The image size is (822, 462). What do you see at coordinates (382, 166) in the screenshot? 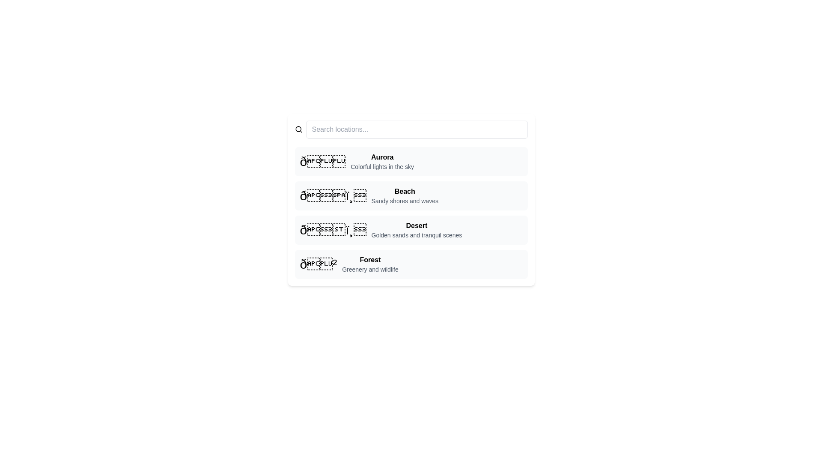
I see `the text label that provides additional descriptive information related to the main title 'Aurora', positioned directly below it in the interface` at bounding box center [382, 166].